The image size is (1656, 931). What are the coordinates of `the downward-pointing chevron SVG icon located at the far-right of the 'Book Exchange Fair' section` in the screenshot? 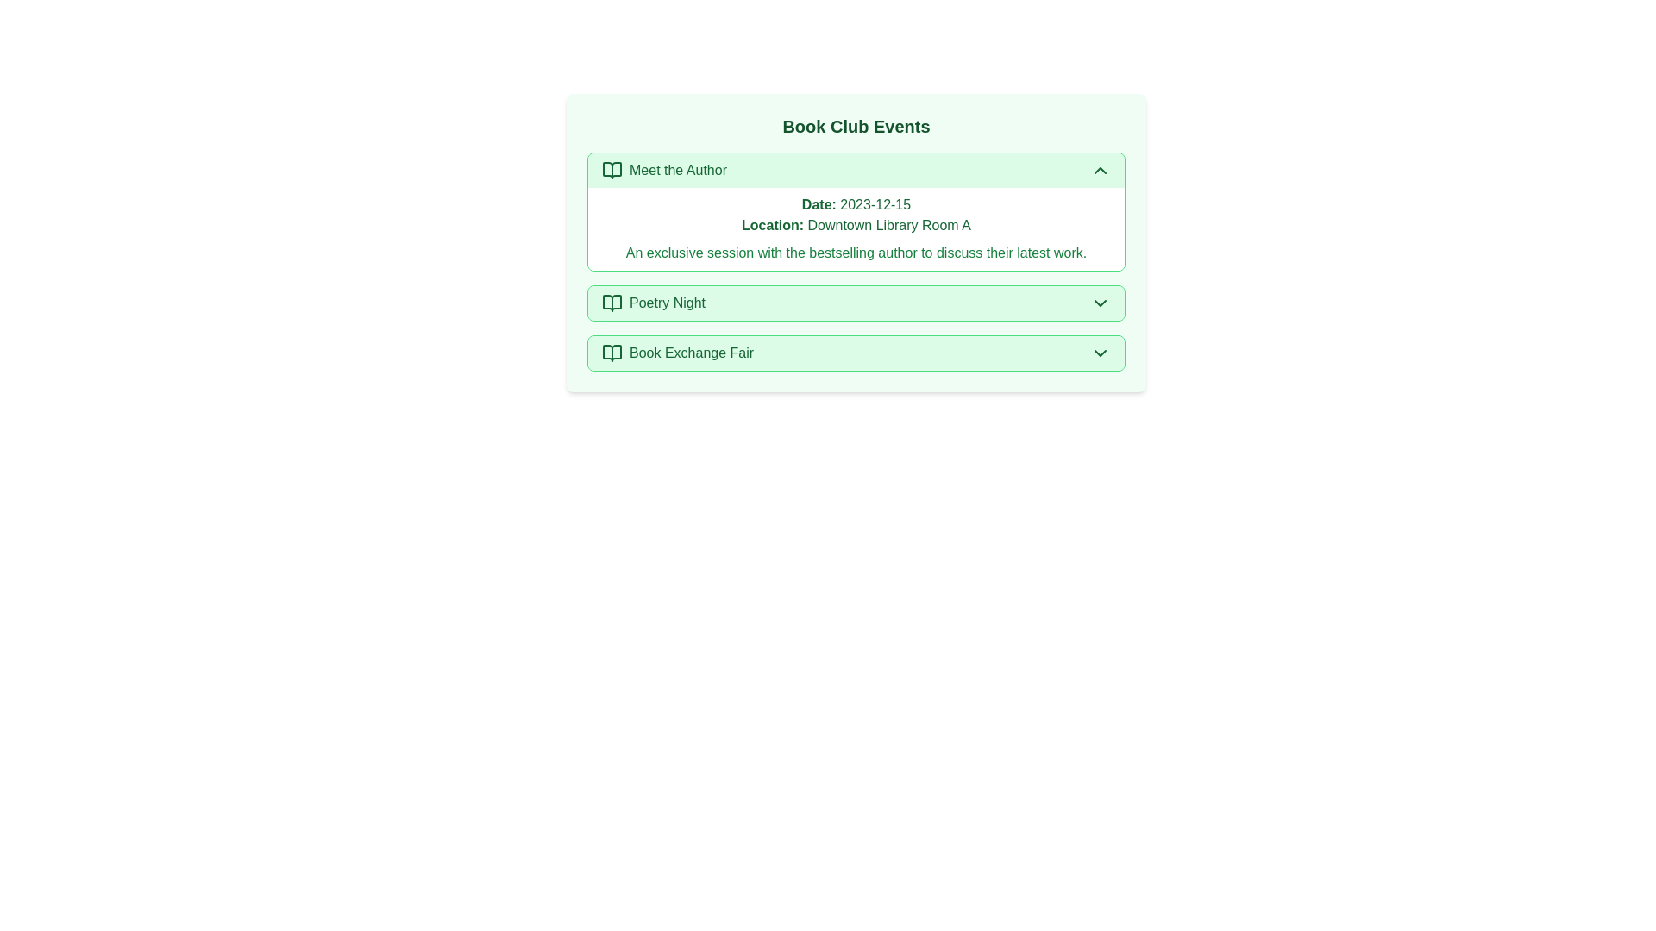 It's located at (1100, 352).